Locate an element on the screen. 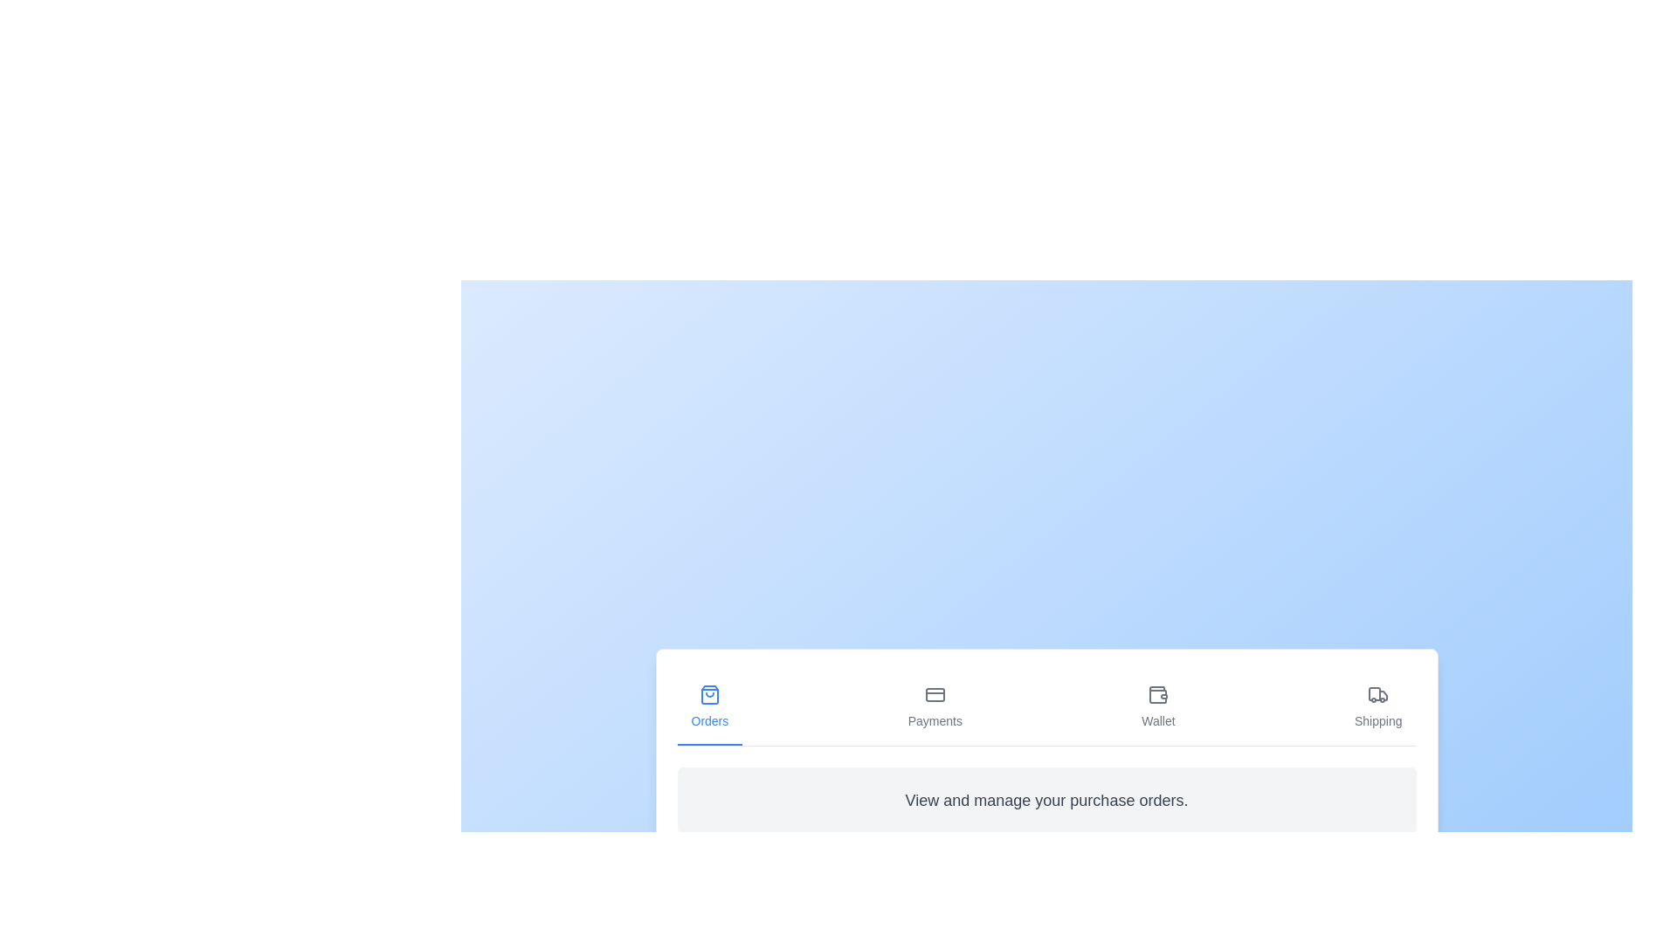 The height and width of the screenshot is (943, 1677). the 'Orders' label text located beneath the shopping bag icon in the horizontal menu to potentially display additional information is located at coordinates (709, 720).